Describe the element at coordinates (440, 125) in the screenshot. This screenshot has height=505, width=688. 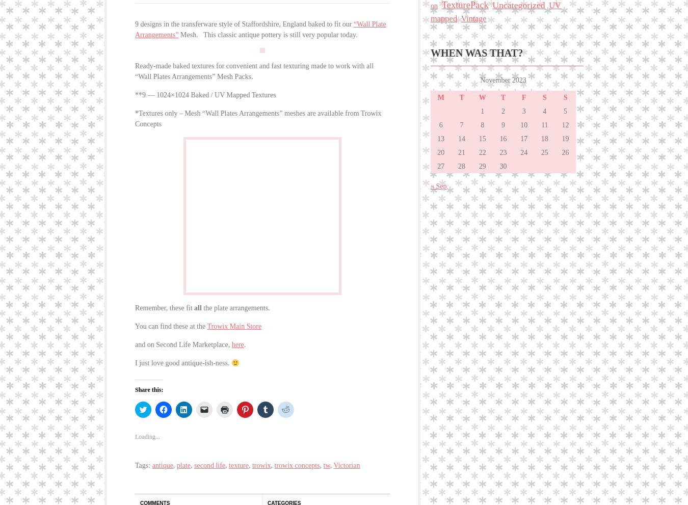
I see `'6'` at that location.